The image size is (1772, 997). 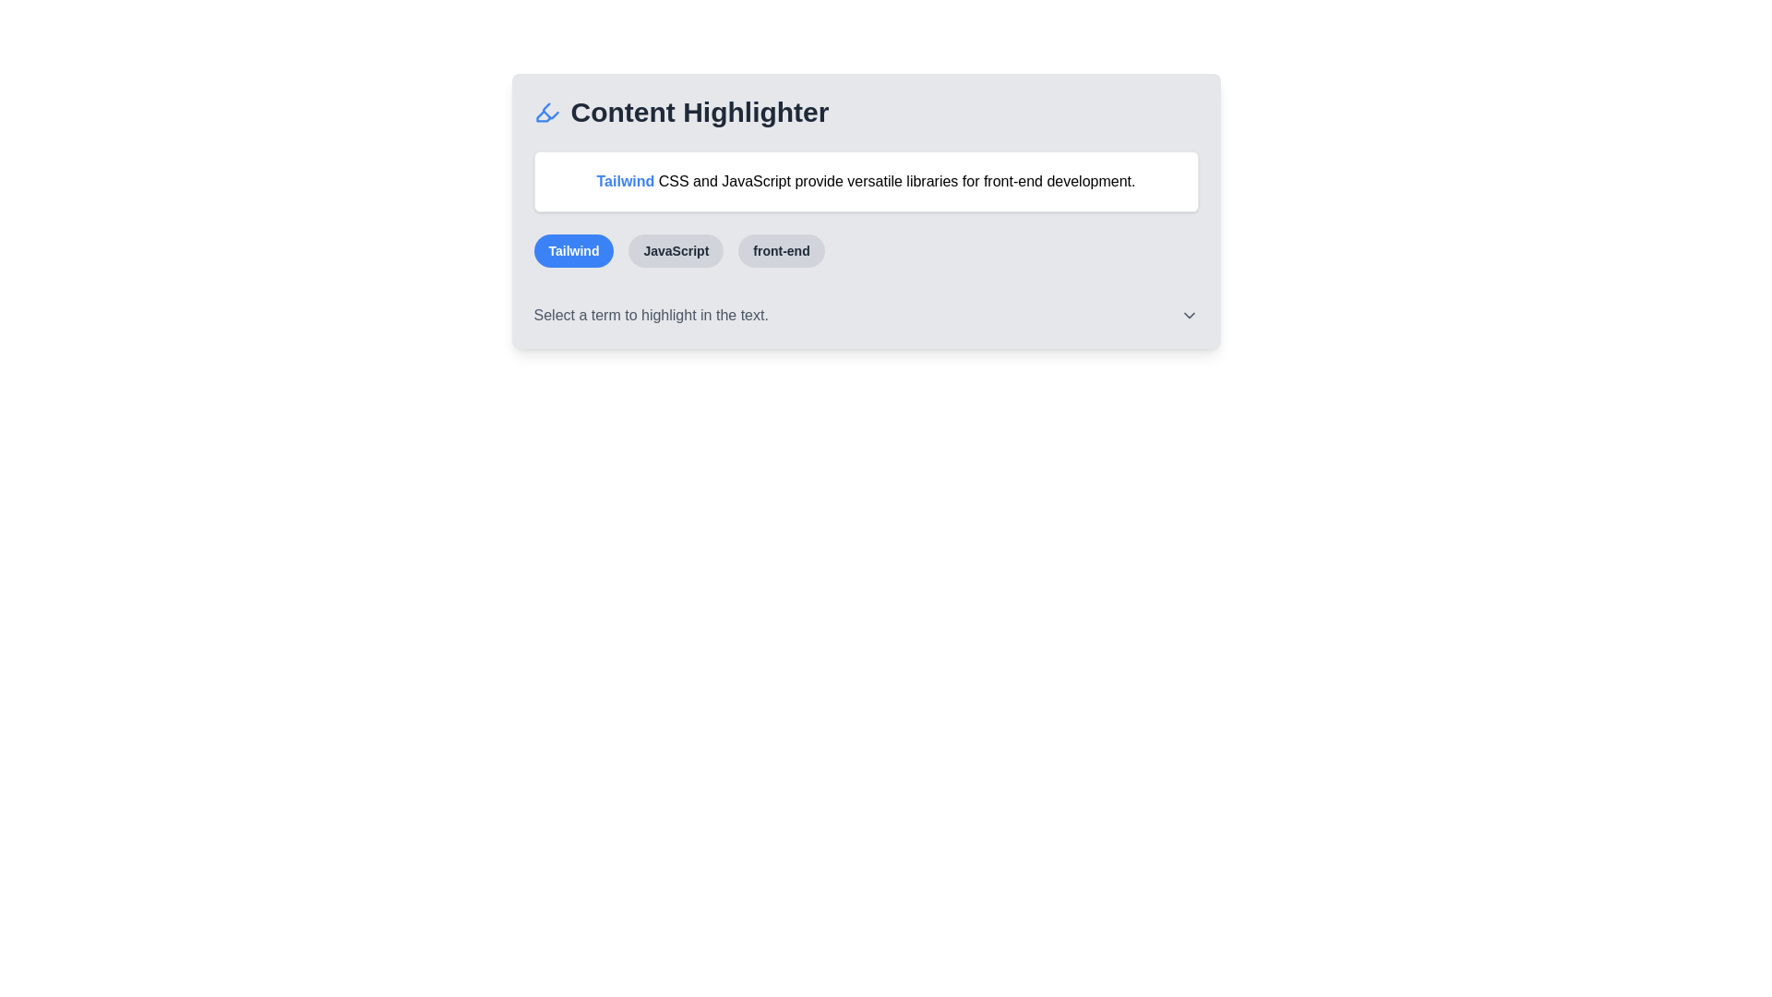 What do you see at coordinates (625, 181) in the screenshot?
I see `the text 'Tailwind', which is positioned at the start of the sentence 'Tailwind CSS and JavaScript provide versatile libraries for front-end development.'` at bounding box center [625, 181].